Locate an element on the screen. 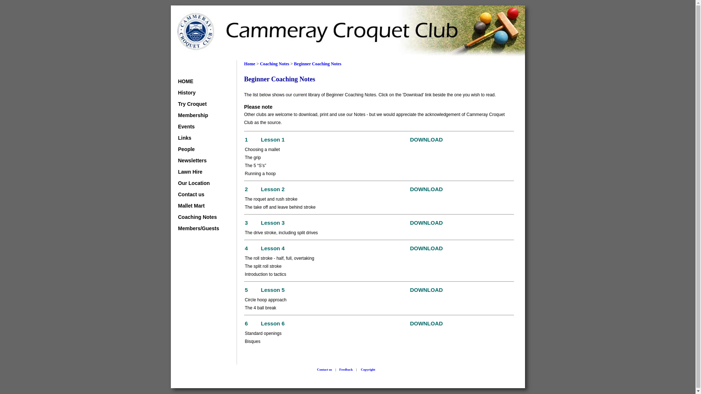  'Try Croquet' is located at coordinates (199, 104).